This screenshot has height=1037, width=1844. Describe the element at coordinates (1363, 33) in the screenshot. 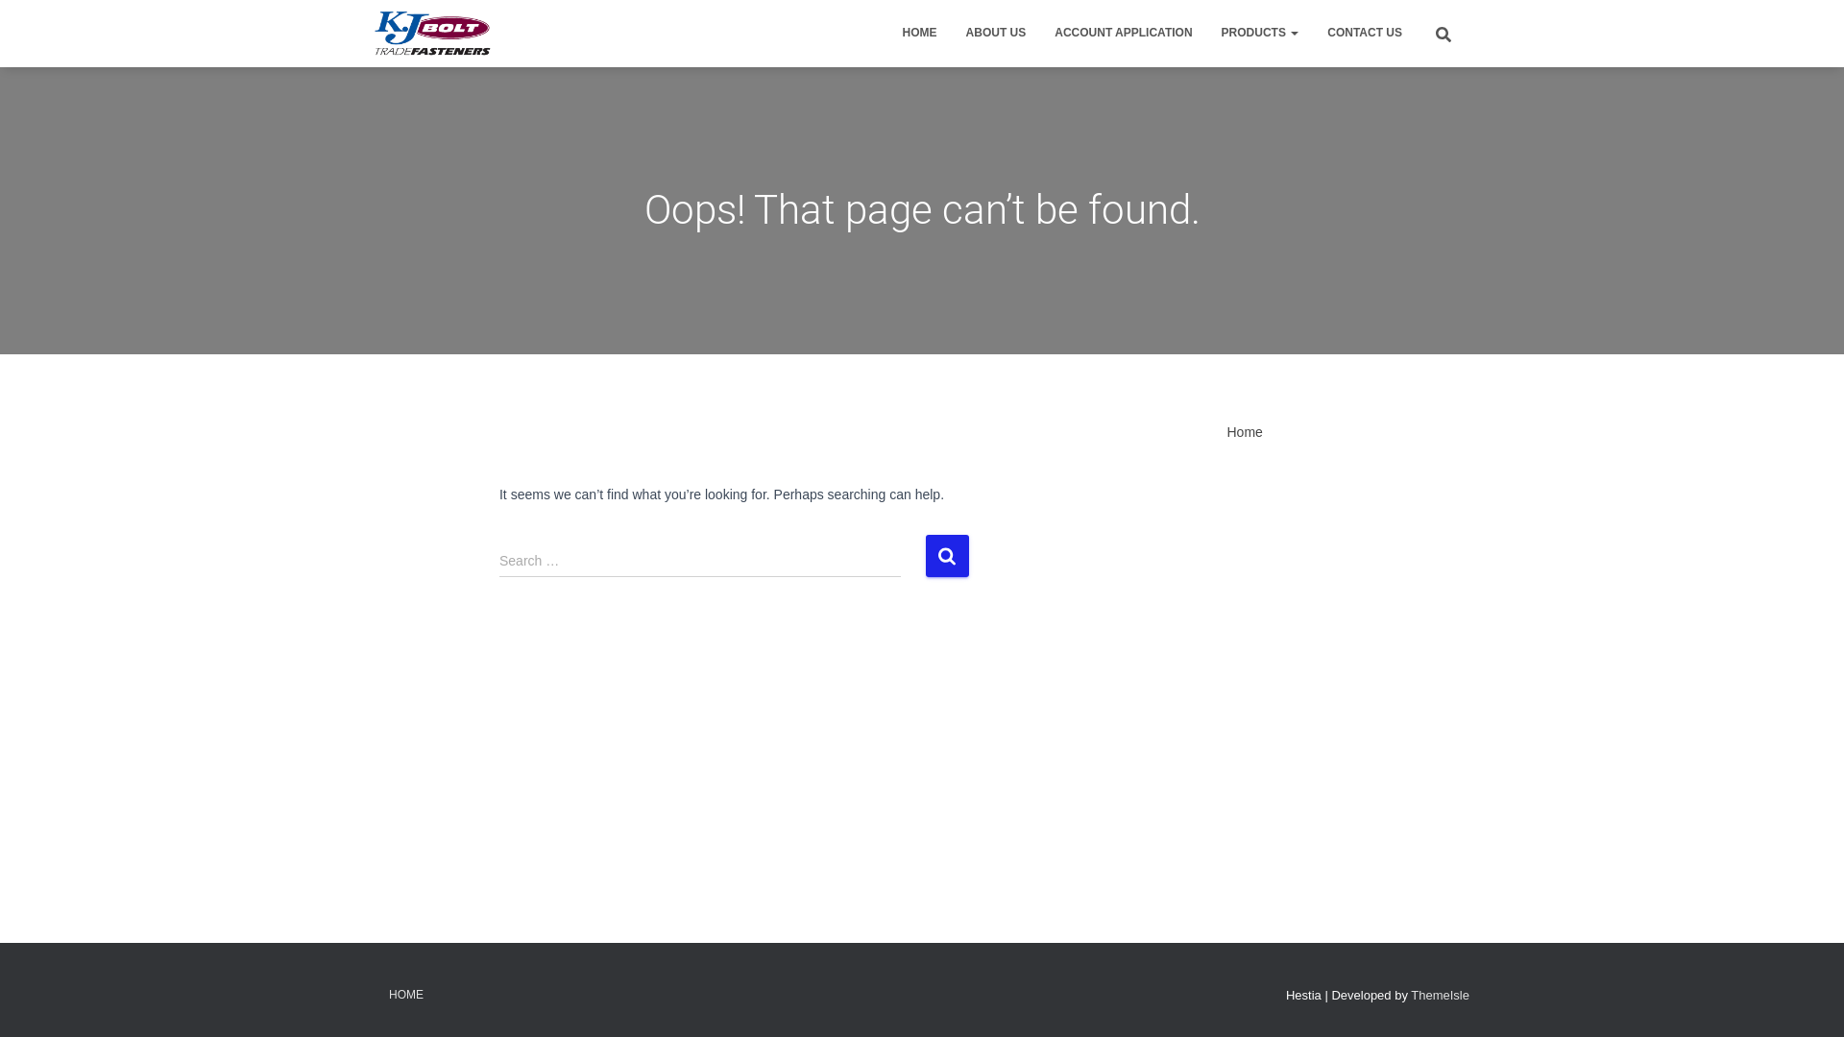

I see `'CONTACT US'` at that location.